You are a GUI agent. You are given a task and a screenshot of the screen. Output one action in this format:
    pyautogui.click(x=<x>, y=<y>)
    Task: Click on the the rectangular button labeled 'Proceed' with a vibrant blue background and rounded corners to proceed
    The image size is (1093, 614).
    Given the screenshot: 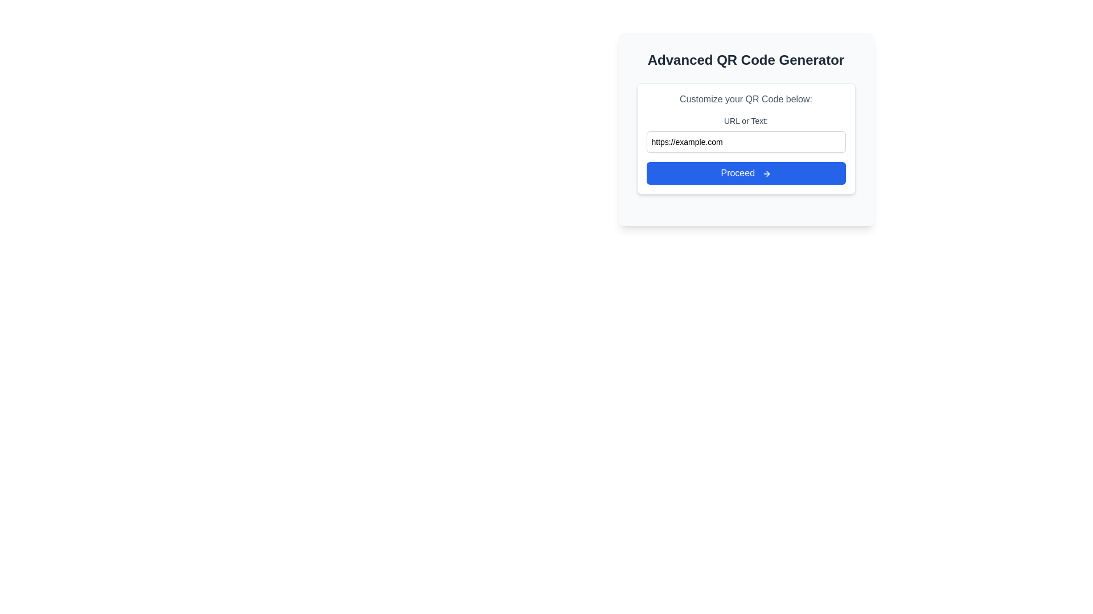 What is the action you would take?
    pyautogui.click(x=746, y=173)
    